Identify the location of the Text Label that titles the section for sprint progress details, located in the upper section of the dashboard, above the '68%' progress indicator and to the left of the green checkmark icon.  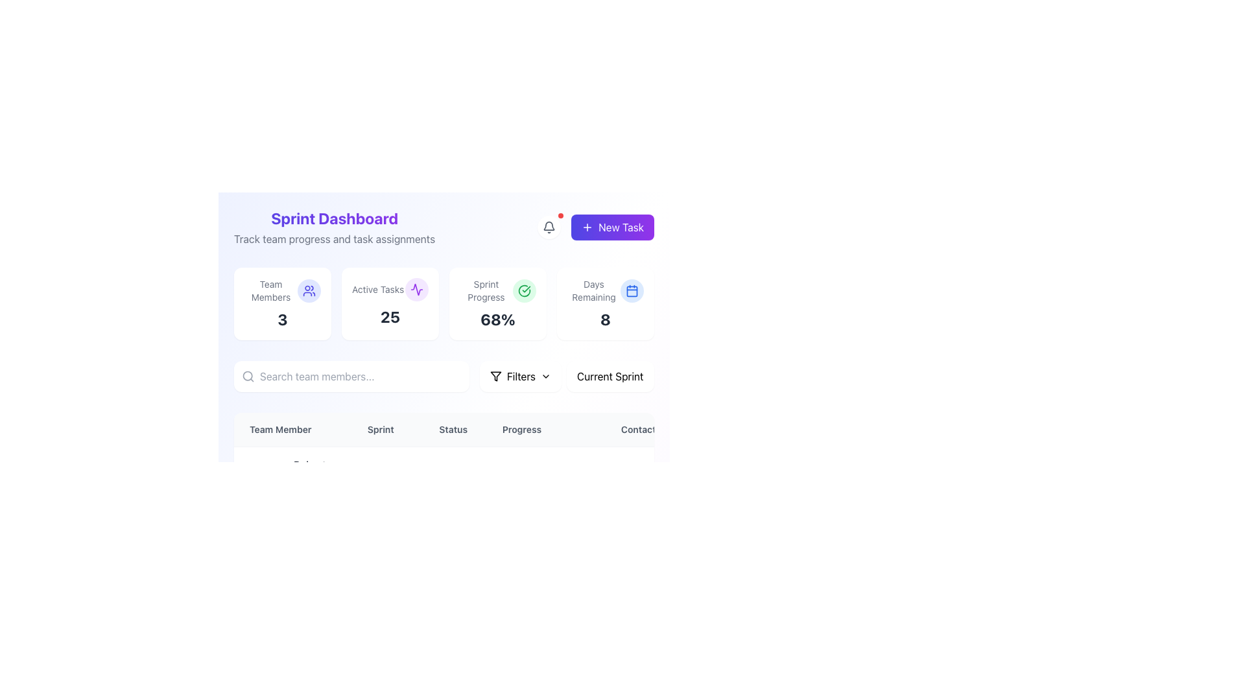
(485, 290).